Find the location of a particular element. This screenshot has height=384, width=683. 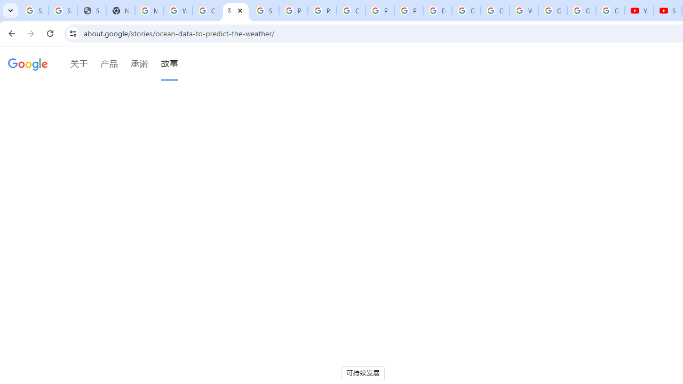

'Who is my administrator? - Google Account Help' is located at coordinates (178, 11).